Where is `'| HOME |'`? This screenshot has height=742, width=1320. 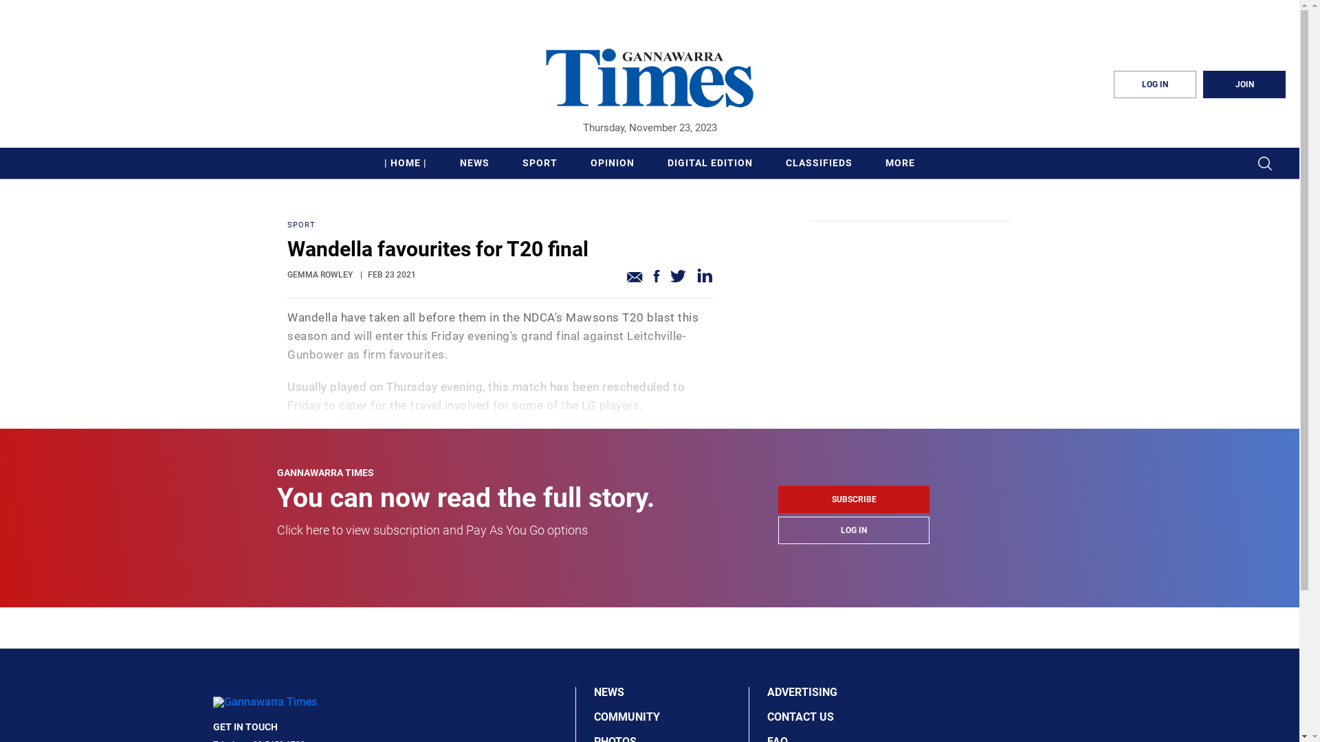 '| HOME |' is located at coordinates (405, 162).